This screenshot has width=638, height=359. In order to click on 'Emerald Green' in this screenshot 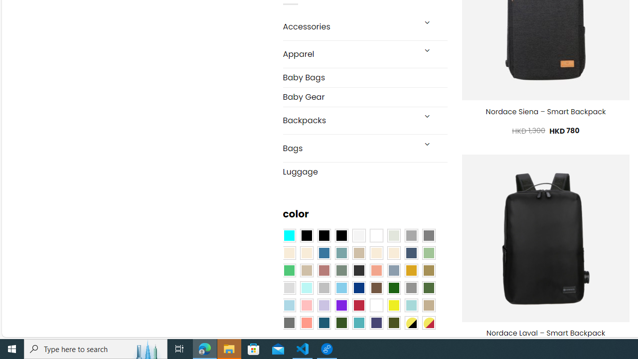, I will do `click(288, 270)`.